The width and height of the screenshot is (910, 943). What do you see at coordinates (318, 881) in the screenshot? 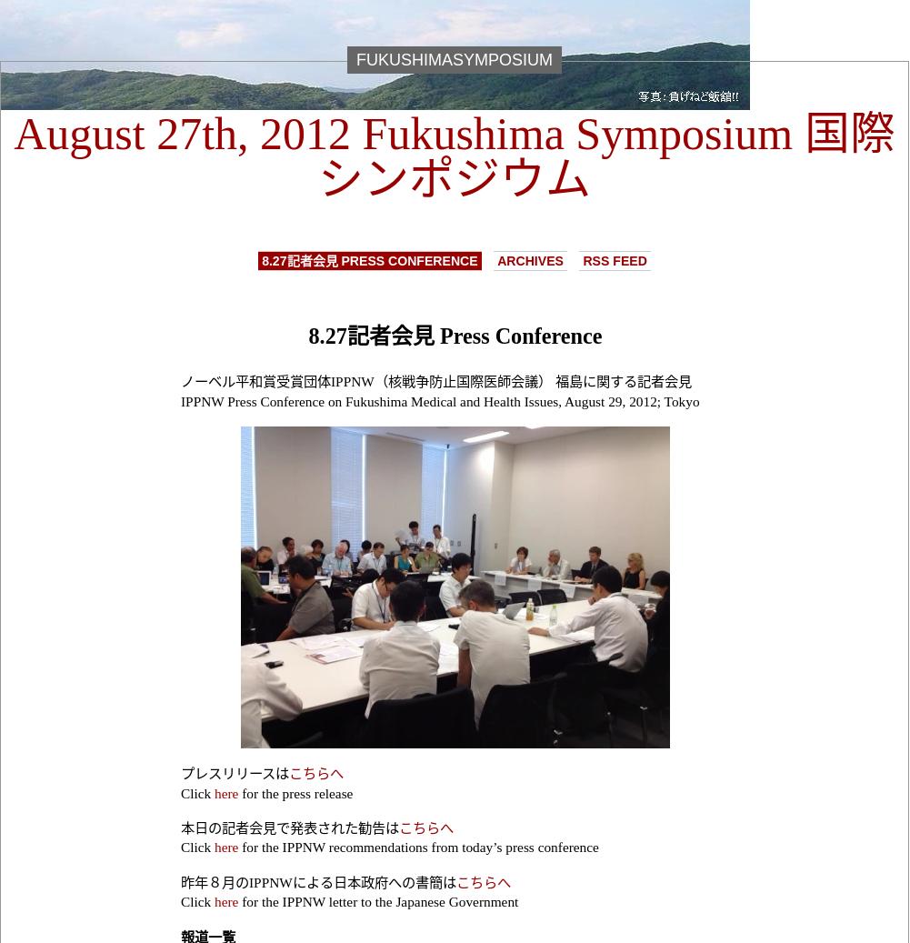
I see `'昨年８月のIPPNWによる日本政府への書簡は'` at bounding box center [318, 881].